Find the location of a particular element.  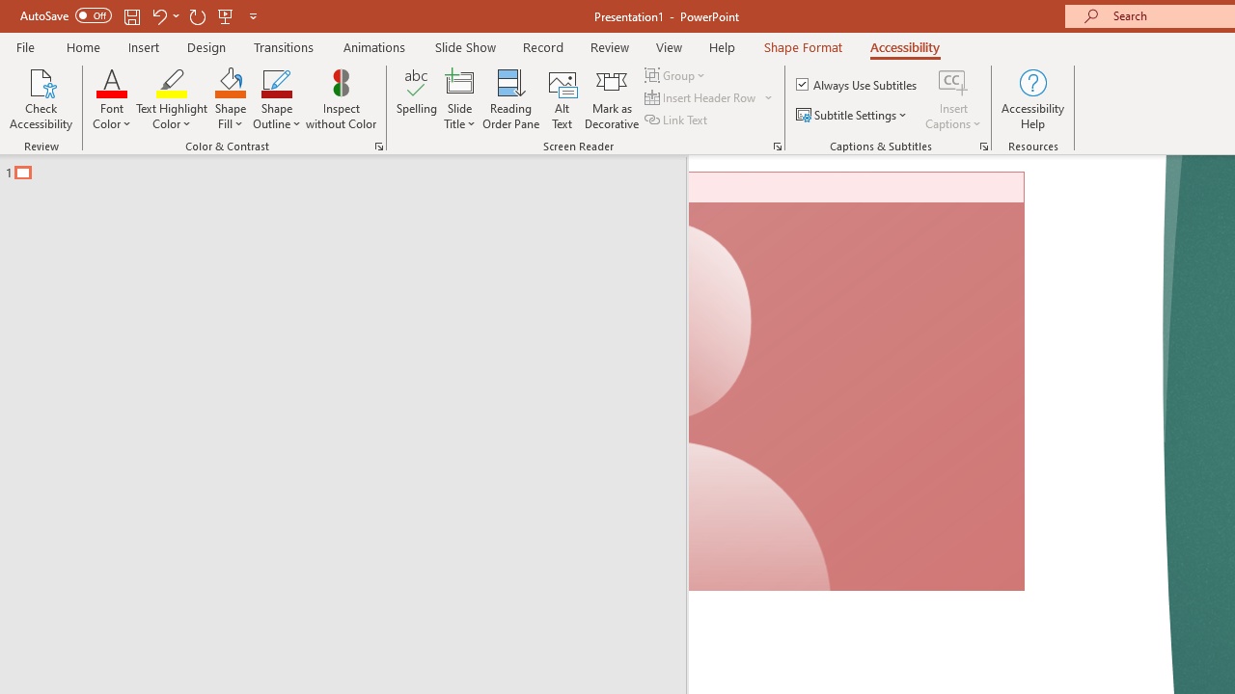

'Text Highlight Color Yellow' is located at coordinates (172, 81).